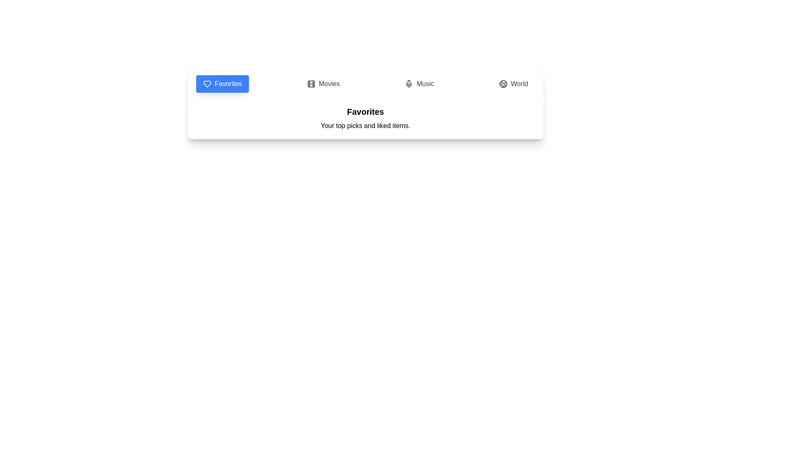  Describe the element at coordinates (222, 84) in the screenshot. I see `the Favorites tab to inspect its appearance` at that location.